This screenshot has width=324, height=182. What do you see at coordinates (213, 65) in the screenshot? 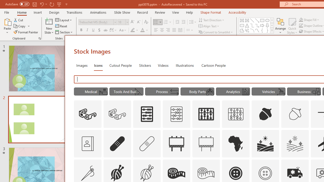
I see `'Cartoon People'` at bounding box center [213, 65].